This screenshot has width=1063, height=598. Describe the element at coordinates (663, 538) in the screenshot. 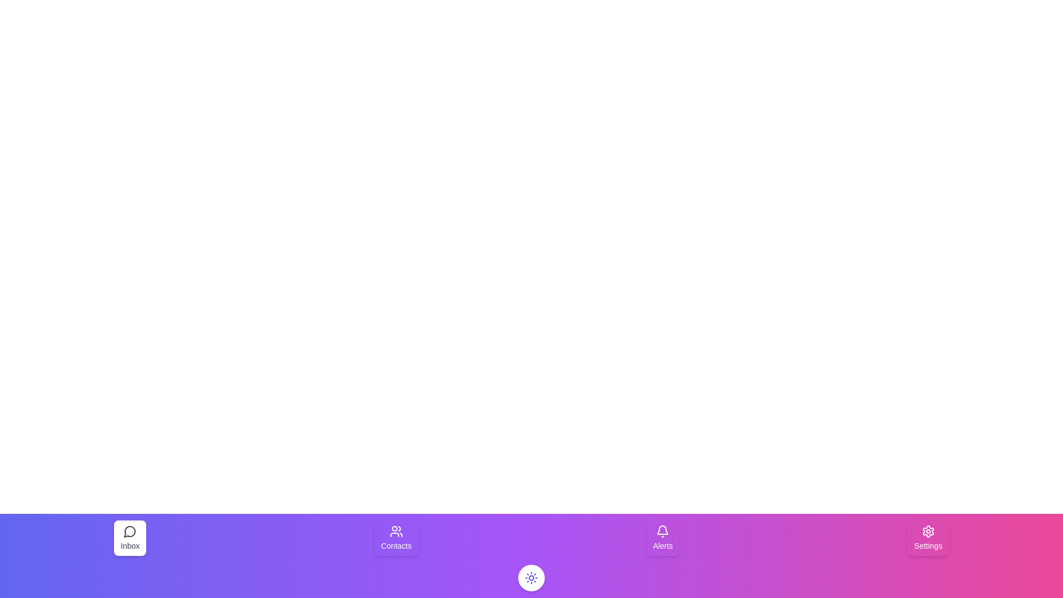

I see `the button labeled Alerts to observe its visual feedback` at that location.